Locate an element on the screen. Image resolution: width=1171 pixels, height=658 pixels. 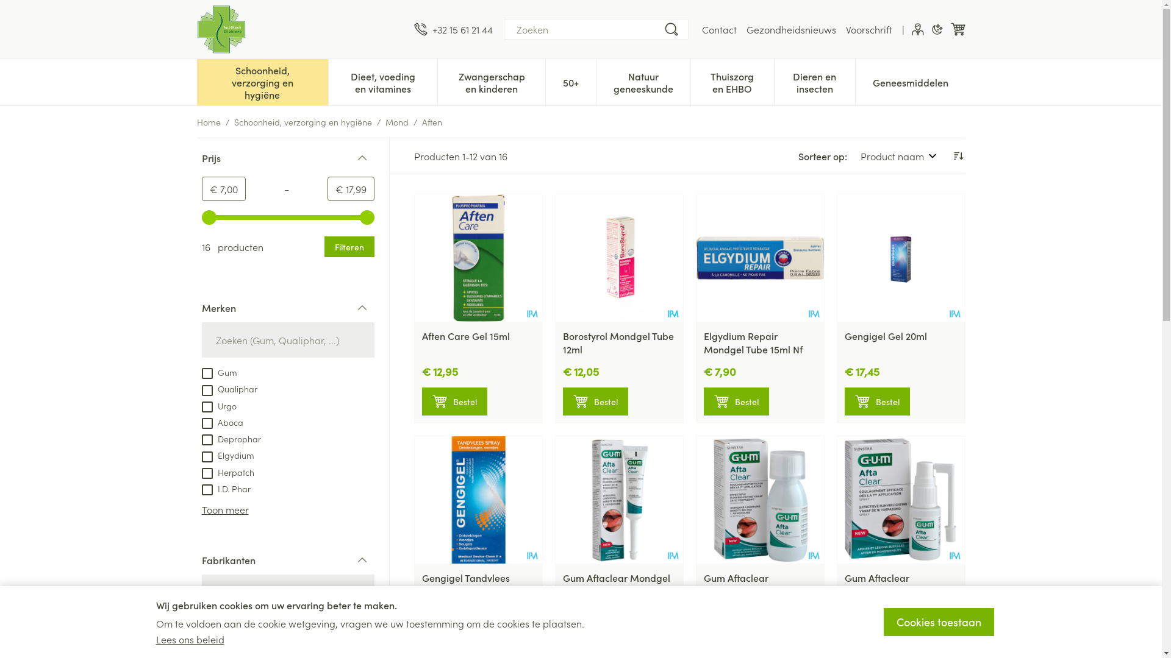
'Mond' is located at coordinates (397, 122).